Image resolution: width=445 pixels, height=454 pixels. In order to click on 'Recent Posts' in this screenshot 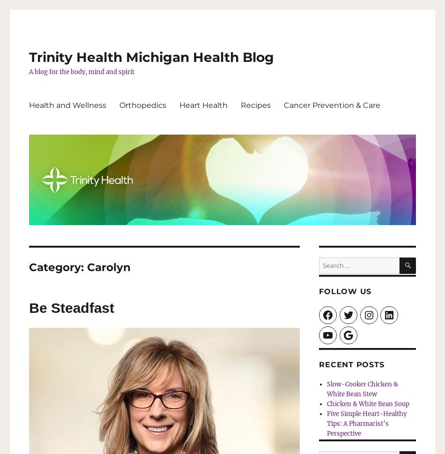, I will do `click(351, 363)`.